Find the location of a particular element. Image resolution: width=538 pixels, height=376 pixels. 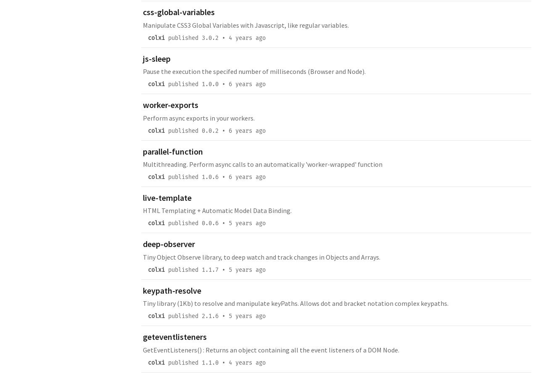

'Manipulate CSS3 Global Variables with Javascript, like regular variables.' is located at coordinates (245, 24).